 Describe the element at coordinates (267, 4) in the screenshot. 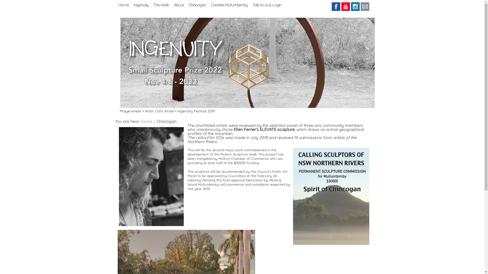

I see `'Talk to us & Login'` at that location.